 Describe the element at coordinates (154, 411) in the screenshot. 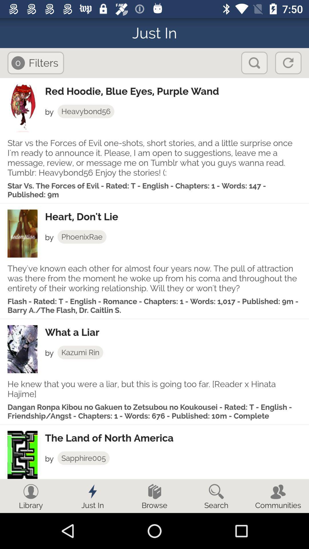

I see `dangan ronpa kibou app` at that location.